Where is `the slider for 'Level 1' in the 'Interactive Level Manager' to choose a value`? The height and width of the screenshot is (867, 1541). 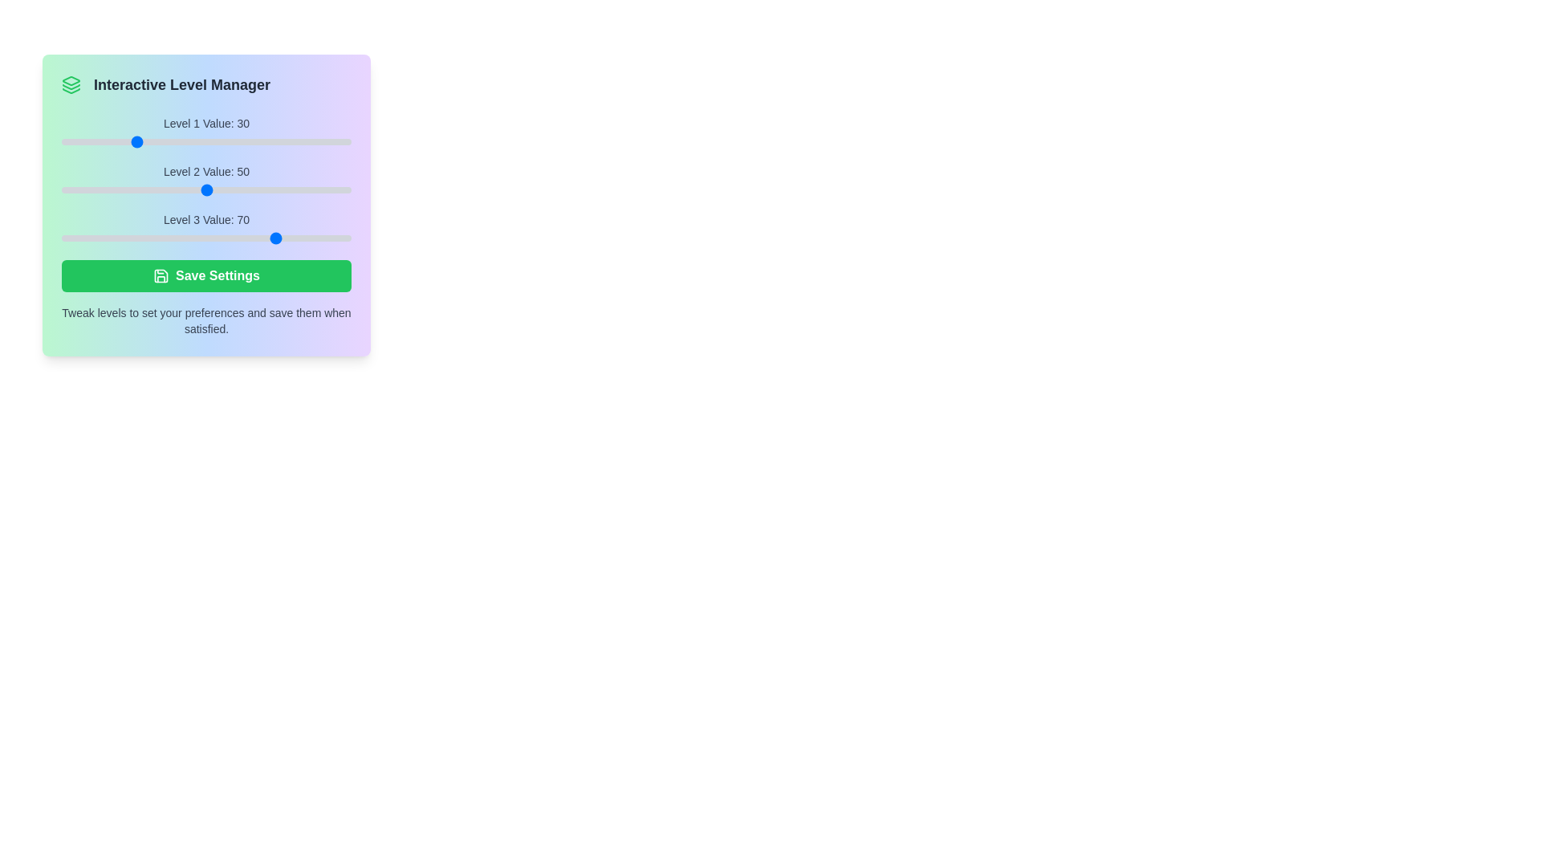
the slider for 'Level 1' in the 'Interactive Level Manager' to choose a value is located at coordinates (205, 132).